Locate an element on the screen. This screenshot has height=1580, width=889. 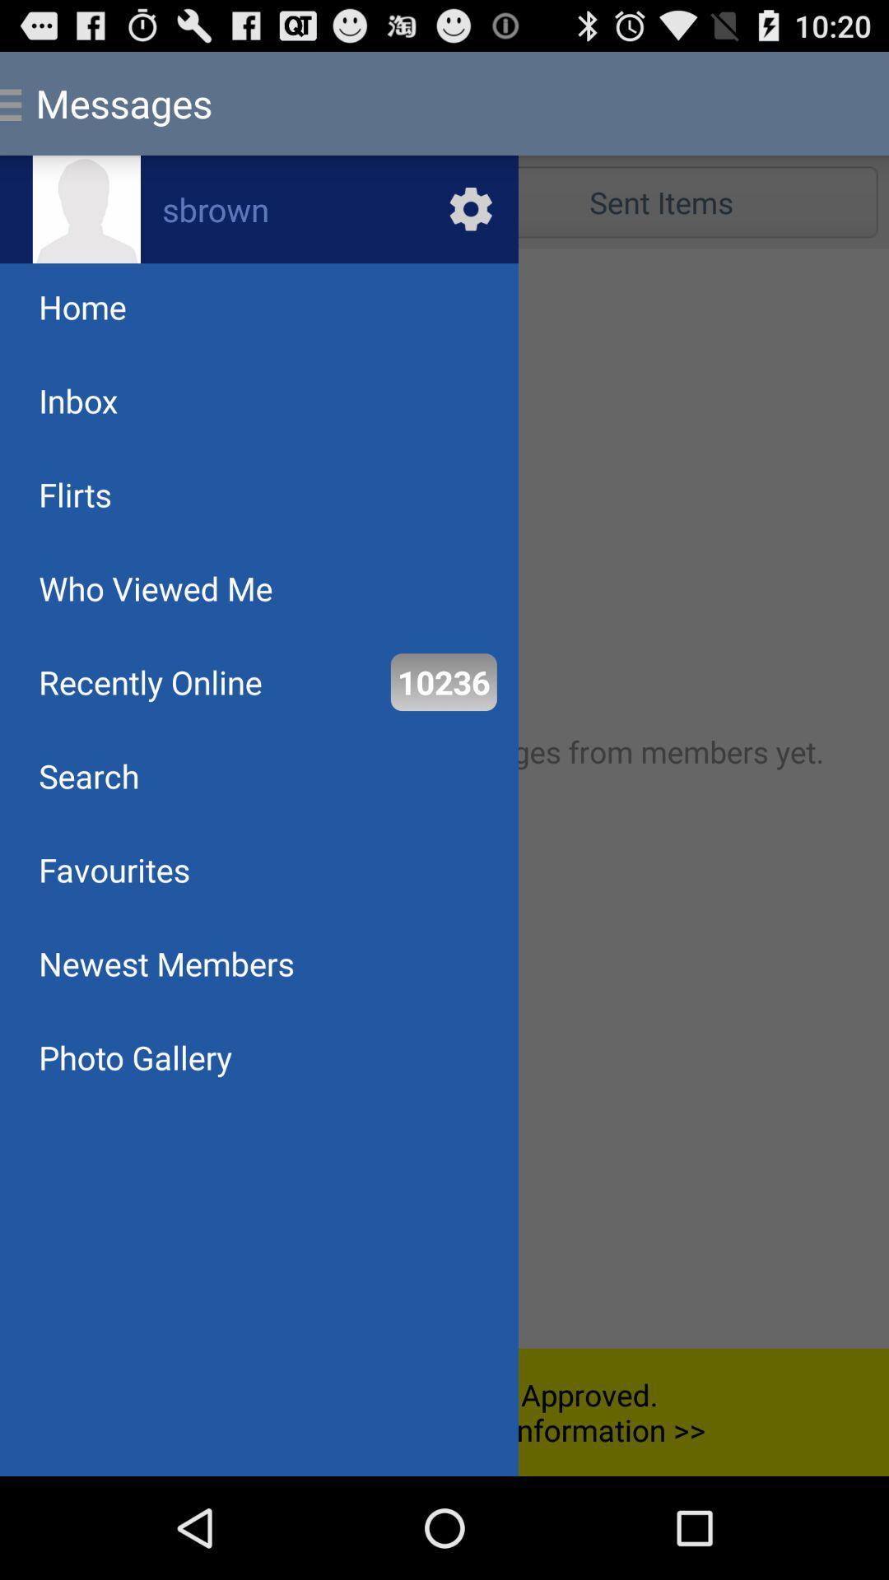
app above the favourites item is located at coordinates (89, 775).